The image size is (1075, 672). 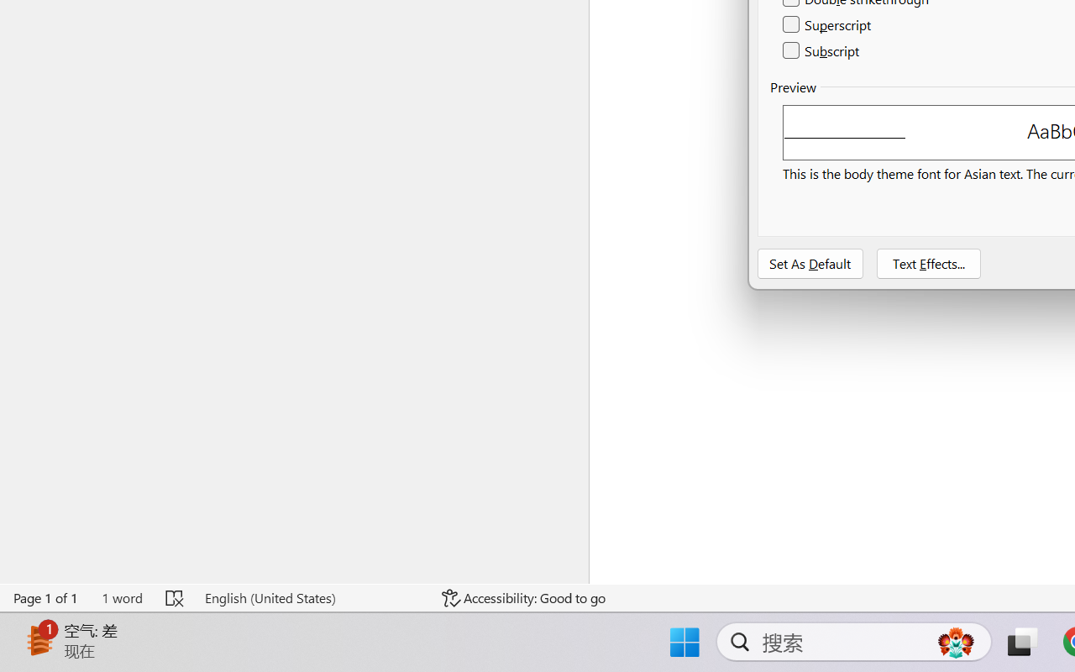 I want to click on 'Spelling and Grammar Check Errors', so click(x=176, y=597).